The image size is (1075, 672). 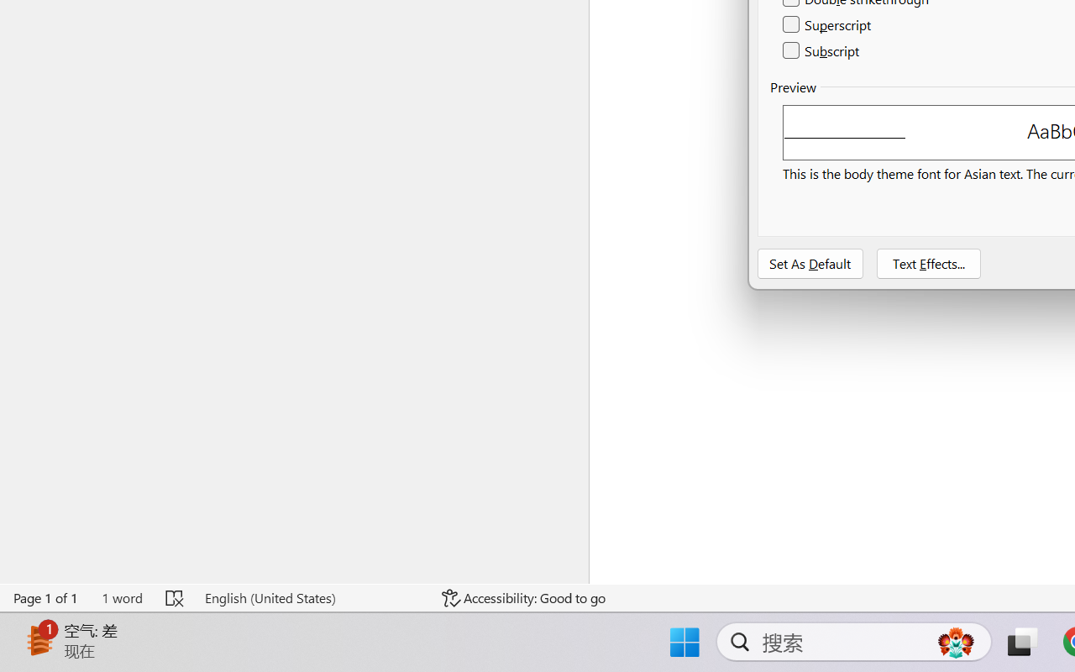 I want to click on 'Spelling and Grammar Check Errors', so click(x=176, y=597).